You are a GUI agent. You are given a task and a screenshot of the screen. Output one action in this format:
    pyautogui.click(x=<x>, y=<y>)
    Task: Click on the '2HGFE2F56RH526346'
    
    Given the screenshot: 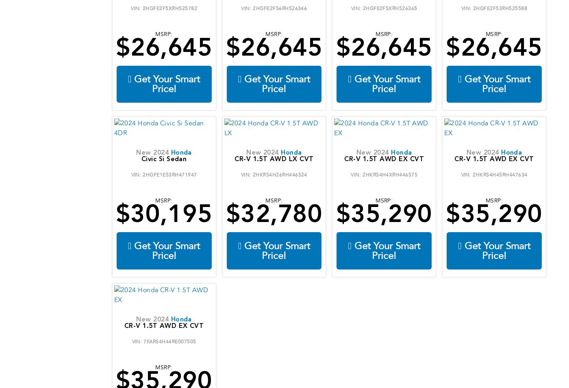 What is the action you would take?
    pyautogui.click(x=280, y=7)
    